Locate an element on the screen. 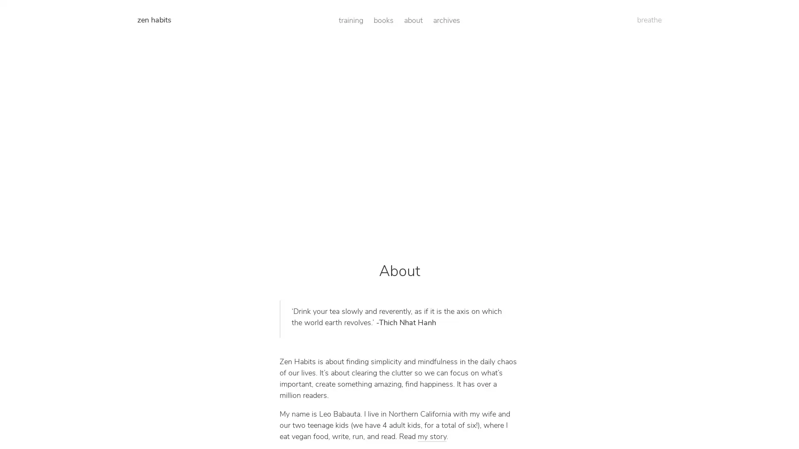 This screenshot has width=799, height=449. Get Access is located at coordinates (503, 169).